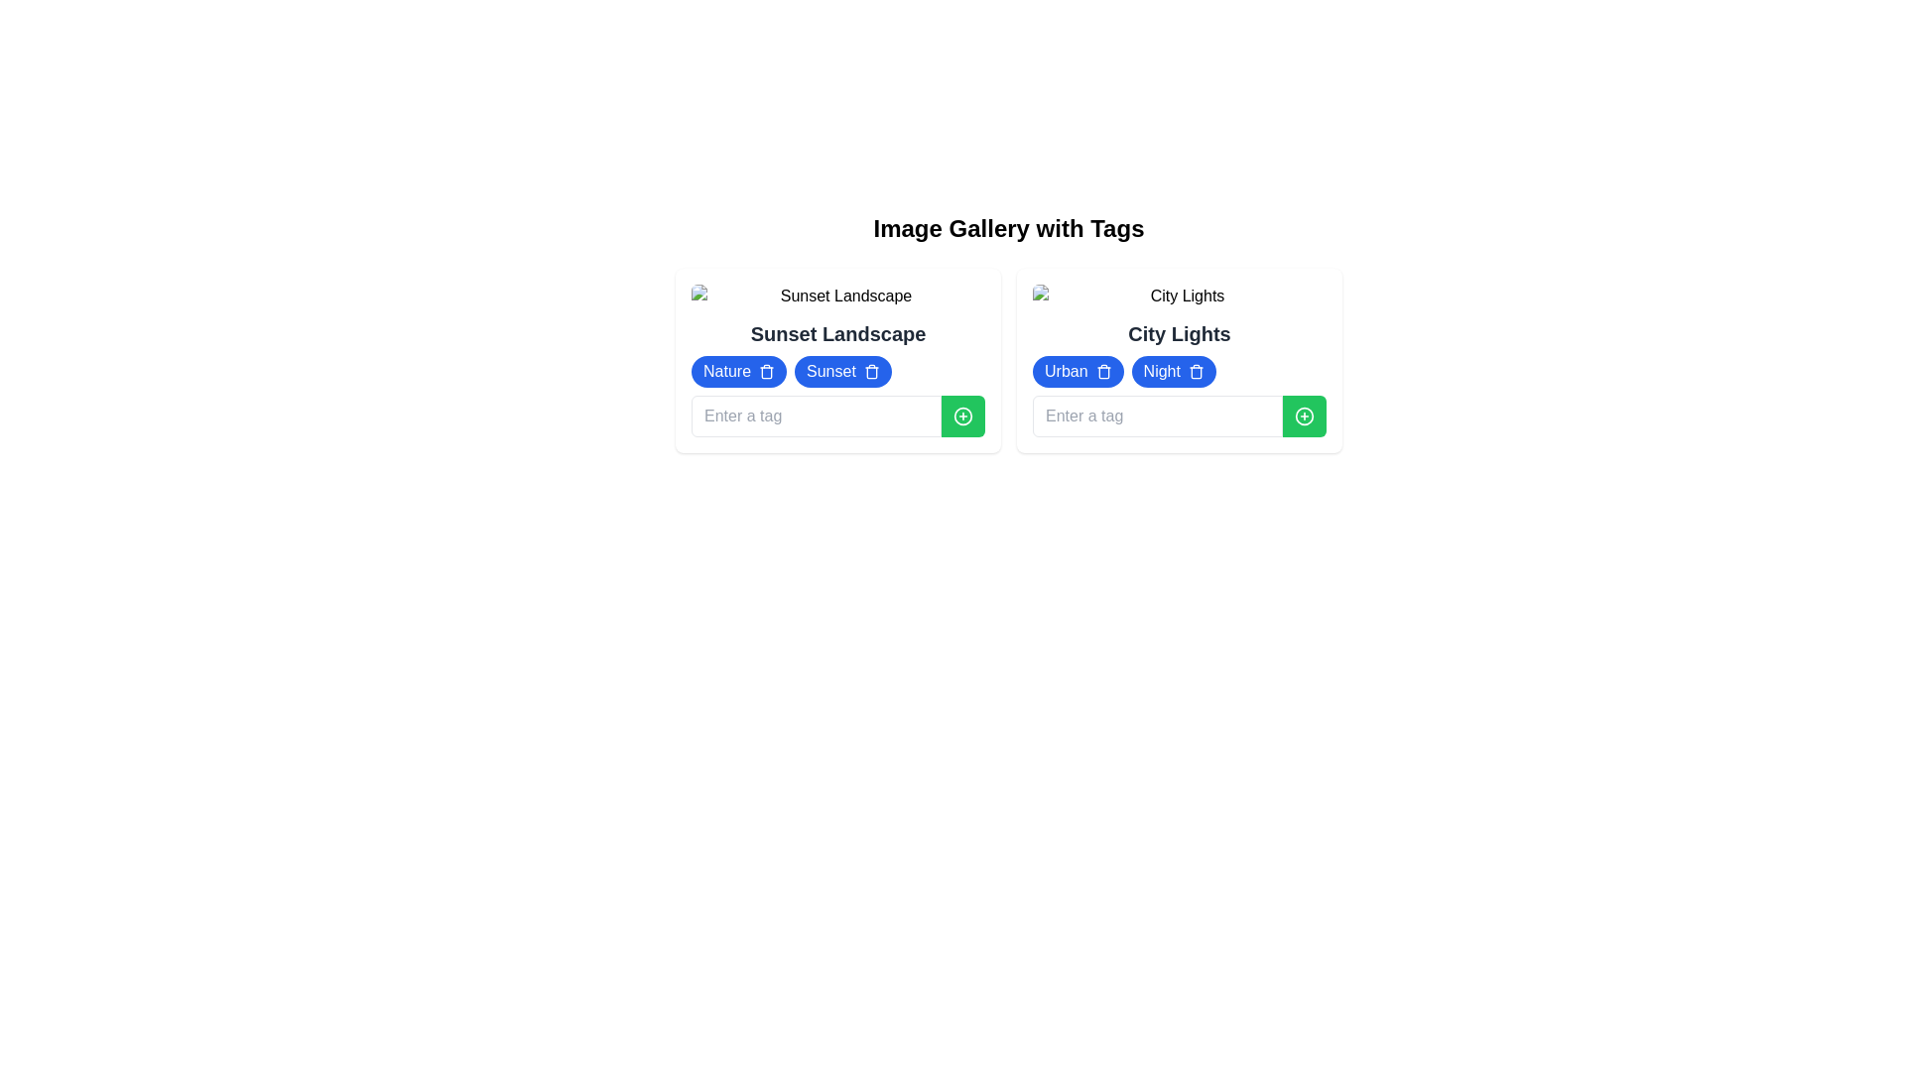  I want to click on the small, green, rounded rectangle button with a plus sign icon located in the 'City Lights' card layout, so click(1305, 416).